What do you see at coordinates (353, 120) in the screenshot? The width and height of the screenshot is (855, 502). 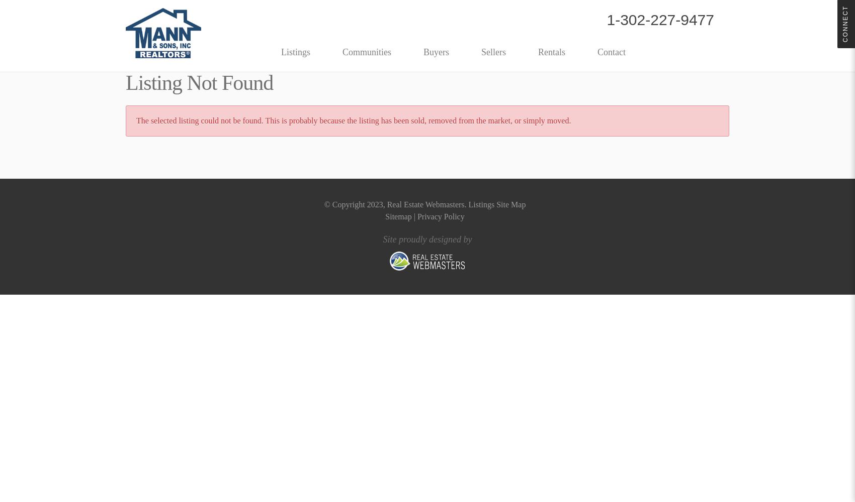 I see `'The selected listing could not be found. This is probably because the listing has been sold, removed from the market, or simply moved.'` at bounding box center [353, 120].